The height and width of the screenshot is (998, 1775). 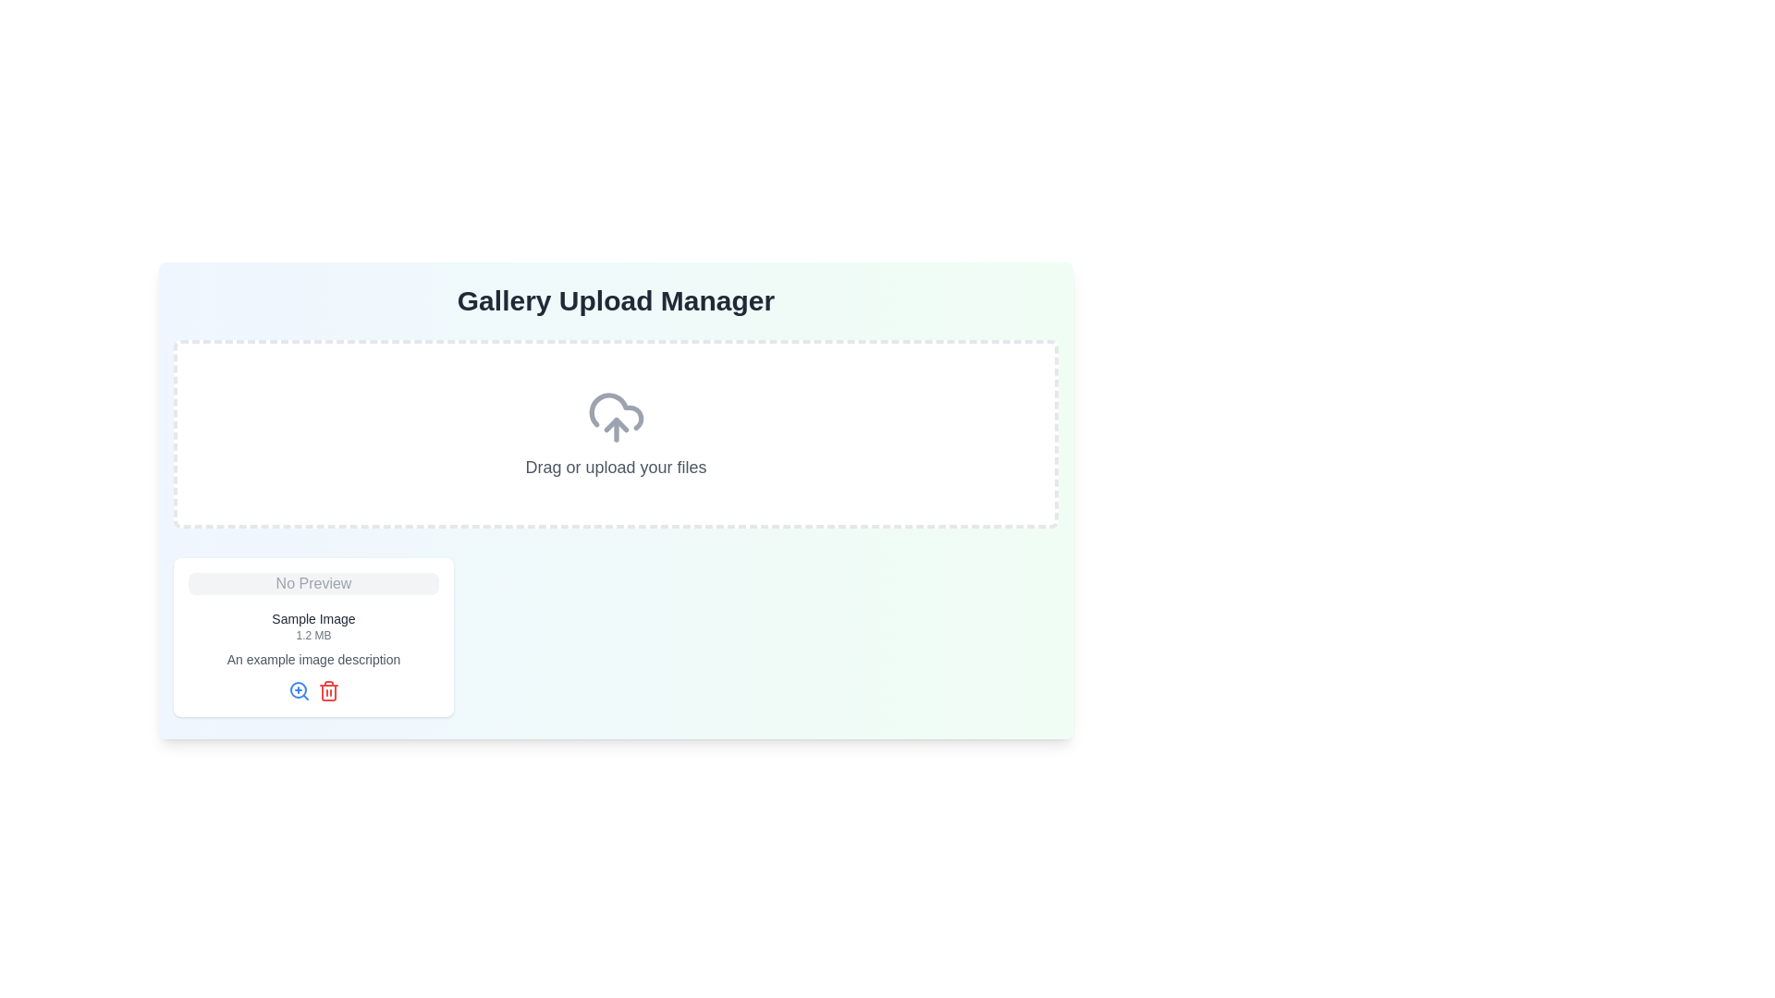 I want to click on the centrally located drag-and-drop upload area within the 'Gallery Upload Manager' for potential visual feedback, so click(x=616, y=434).